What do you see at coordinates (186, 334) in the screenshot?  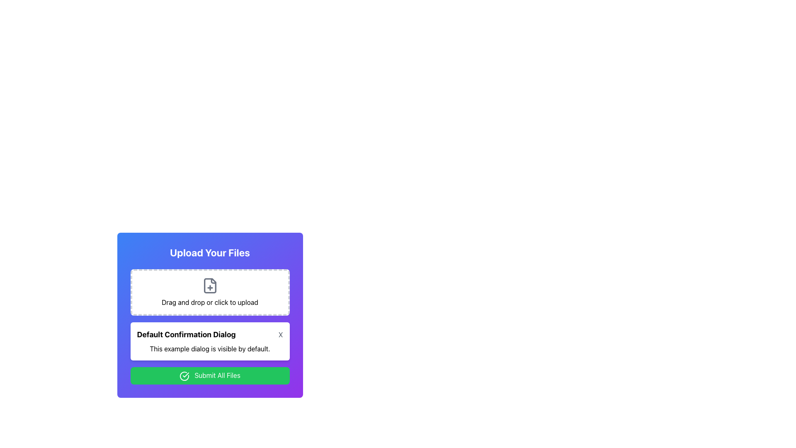 I see `text from the 'Default Confirmation Dialog' label, which is a large, bold black text located in the upper section of the dialog box` at bounding box center [186, 334].